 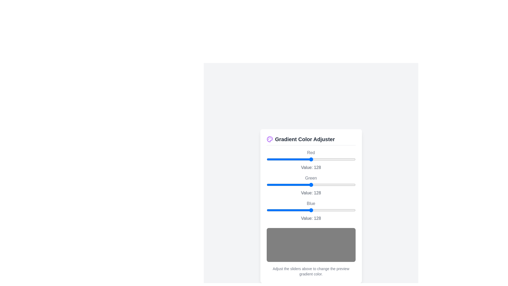 What do you see at coordinates (337, 210) in the screenshot?
I see `the blue slider to set its value to 202` at bounding box center [337, 210].